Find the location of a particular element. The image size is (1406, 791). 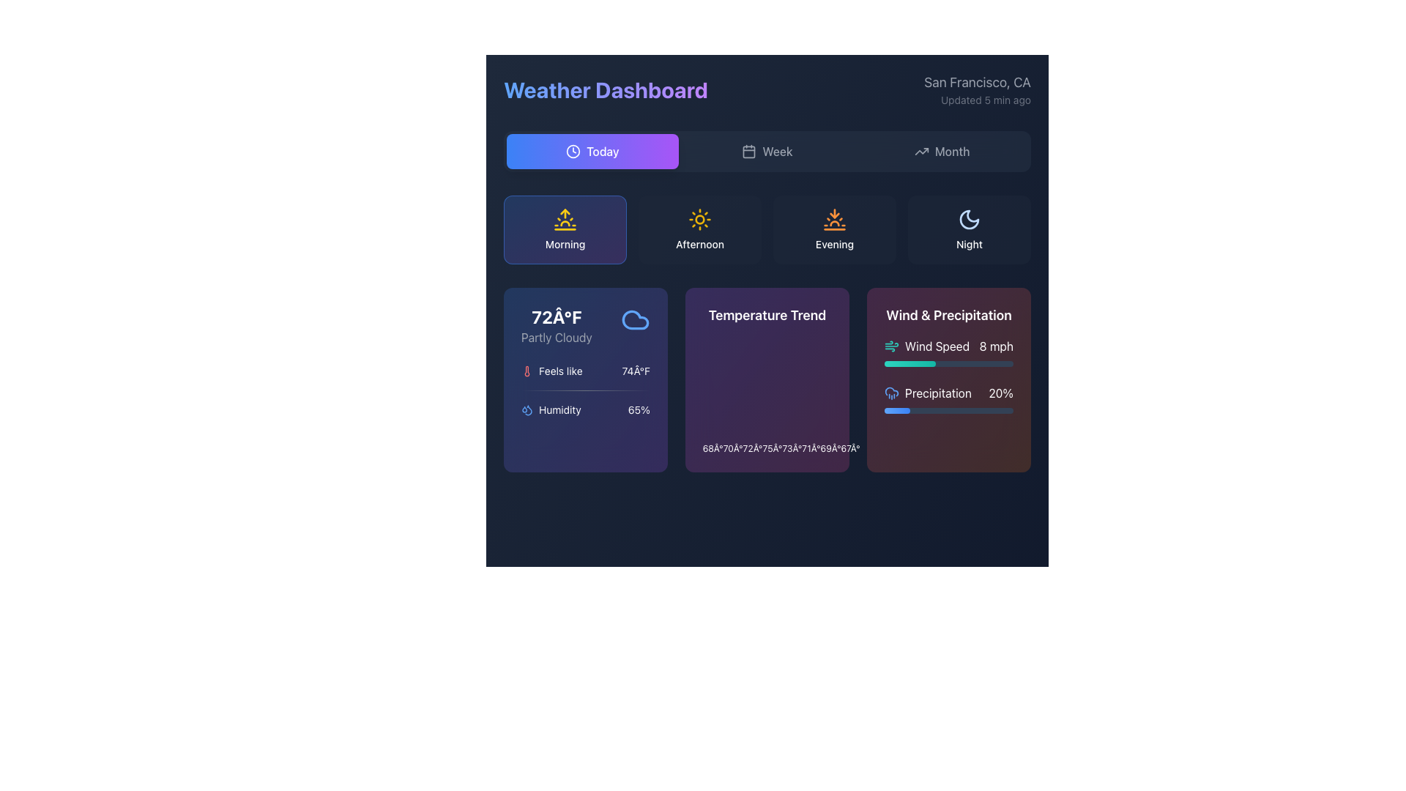

the progress represented by the narrow, horizontally elongated blue gradient progress bar indicator within the 'Precipitation' section of the 'Wind & Precipitation' interface is located at coordinates (896, 410).